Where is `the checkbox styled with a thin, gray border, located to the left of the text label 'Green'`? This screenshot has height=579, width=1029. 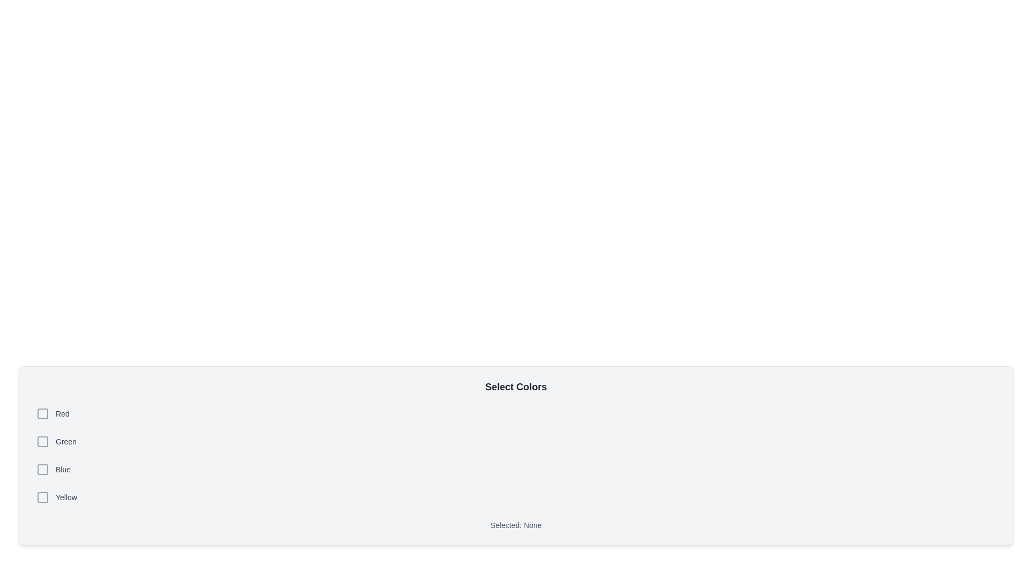 the checkbox styled with a thin, gray border, located to the left of the text label 'Green' is located at coordinates (43, 442).